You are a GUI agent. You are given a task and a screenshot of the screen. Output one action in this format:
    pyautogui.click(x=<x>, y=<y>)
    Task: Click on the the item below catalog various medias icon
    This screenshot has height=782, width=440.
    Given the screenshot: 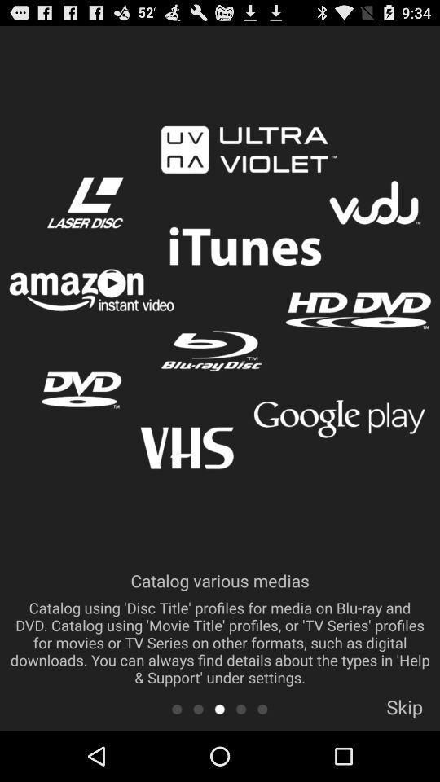 What is the action you would take?
    pyautogui.click(x=219, y=708)
    